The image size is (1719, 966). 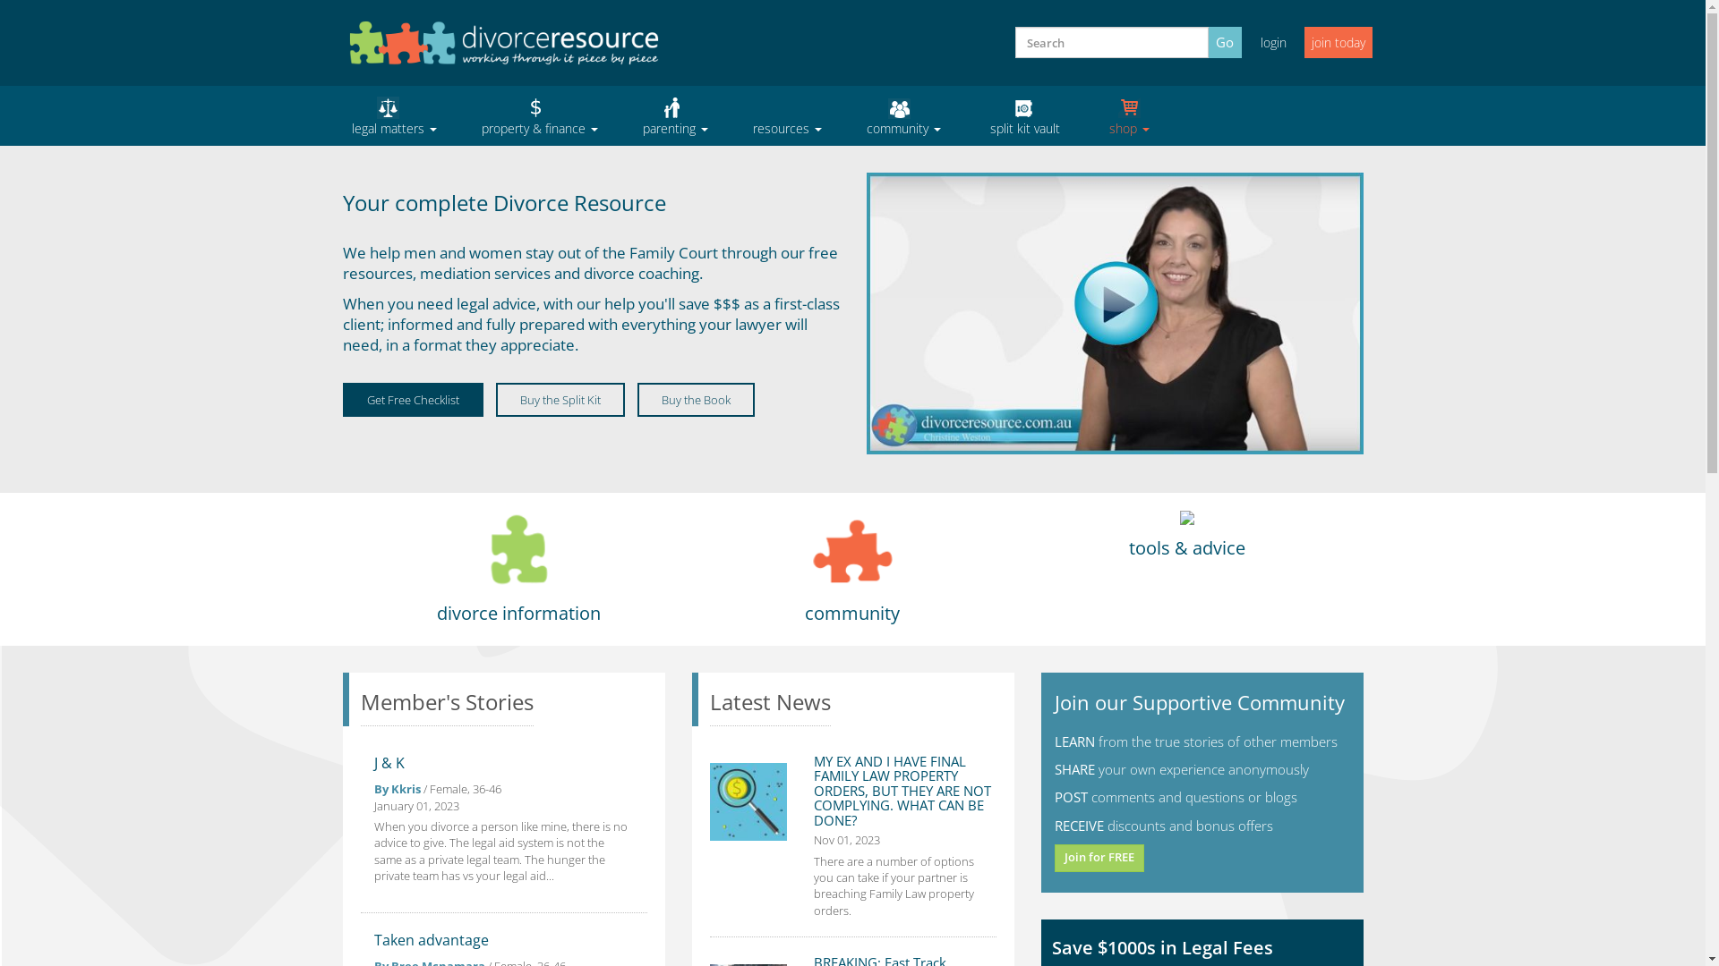 I want to click on 'legal matters', so click(x=393, y=115).